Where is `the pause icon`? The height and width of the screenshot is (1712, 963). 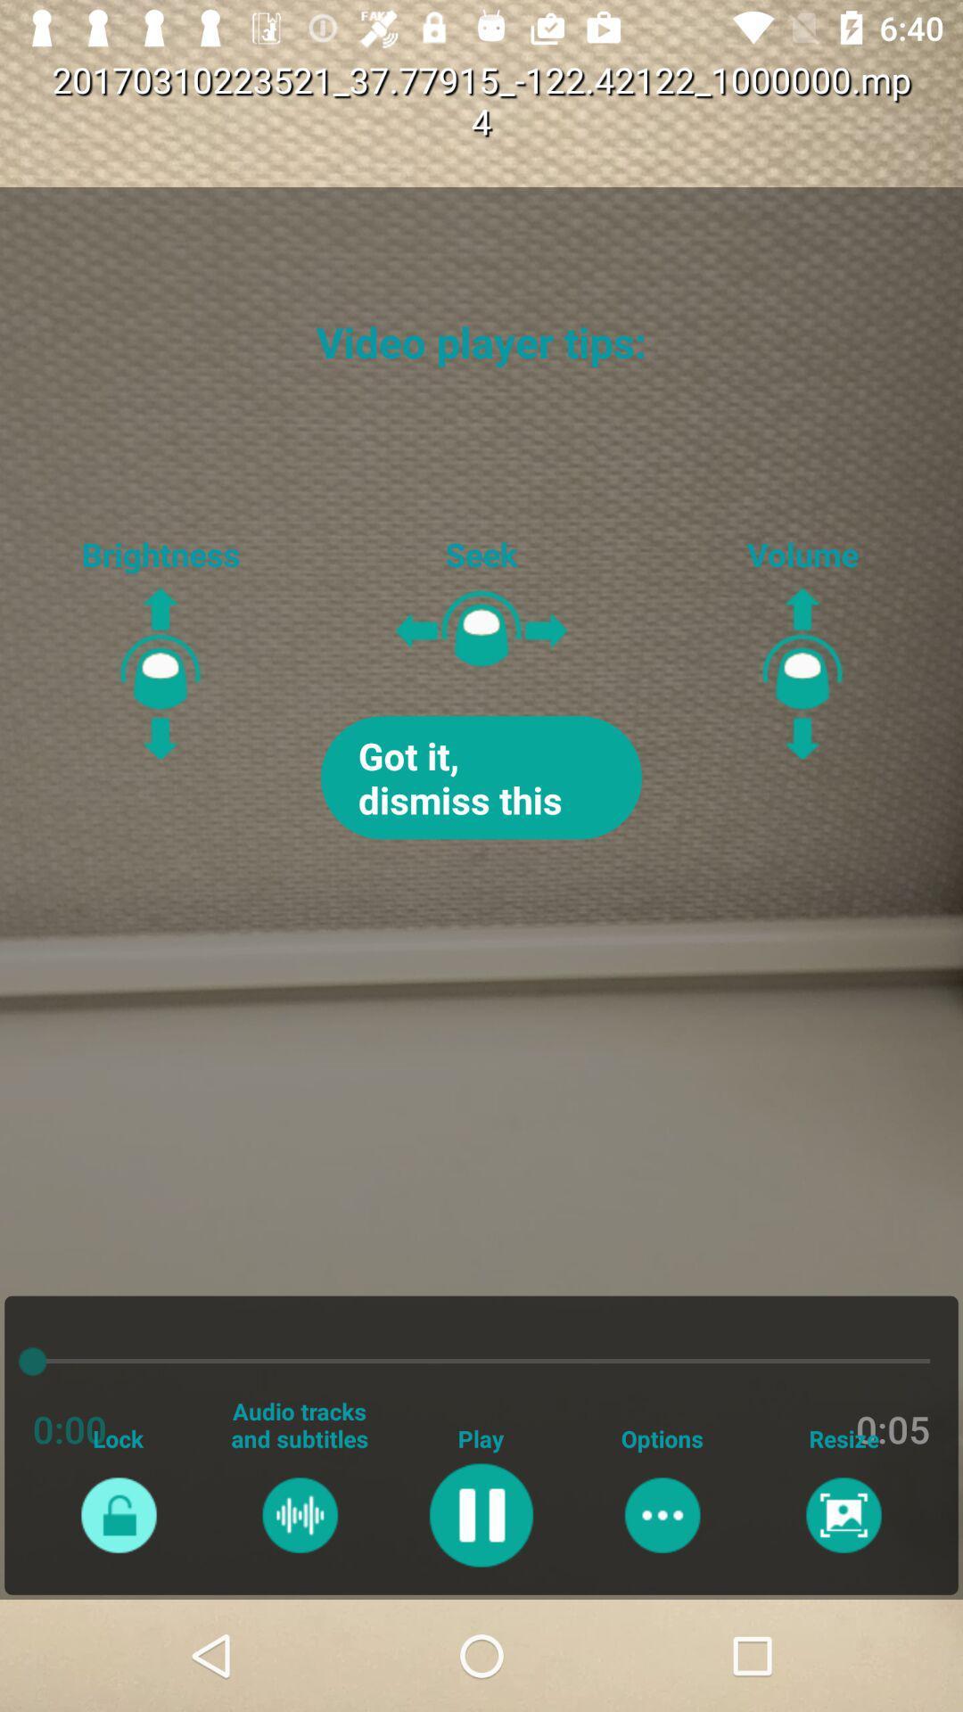 the pause icon is located at coordinates (480, 1514).